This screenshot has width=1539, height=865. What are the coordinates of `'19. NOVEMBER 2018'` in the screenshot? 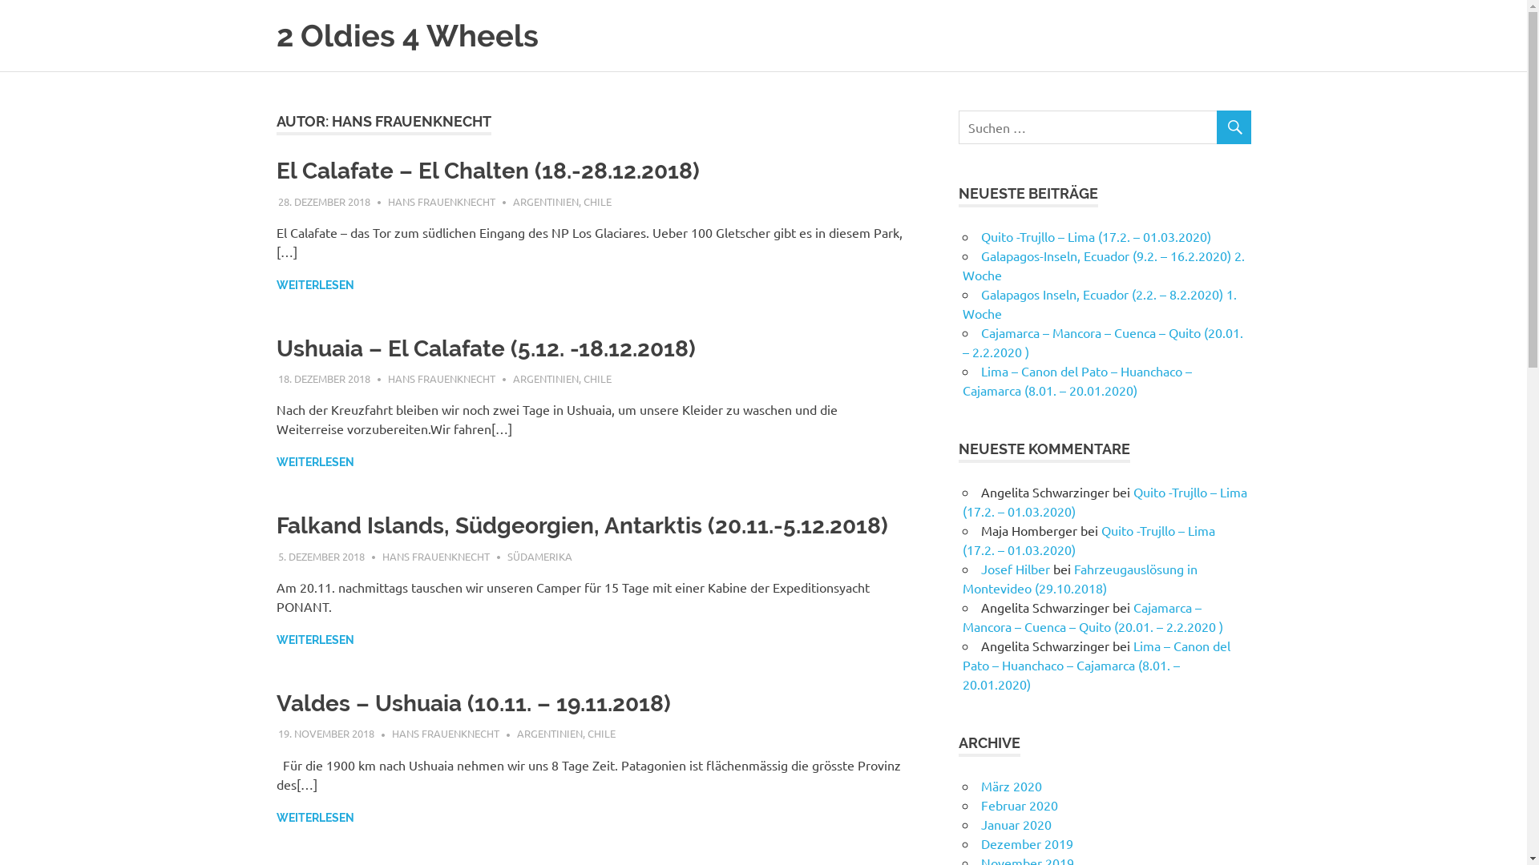 It's located at (325, 733).